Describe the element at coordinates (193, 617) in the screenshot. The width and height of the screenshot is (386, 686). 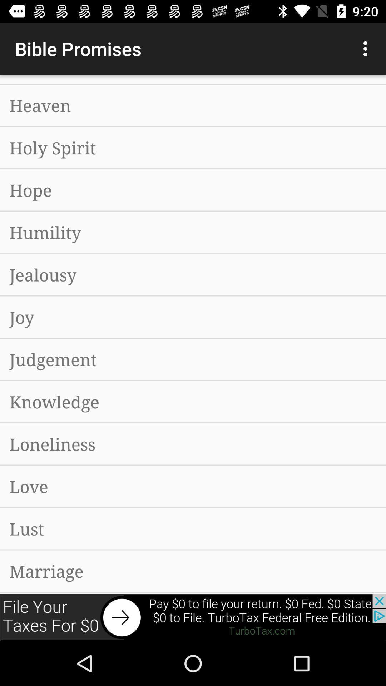
I see `advertisement` at that location.